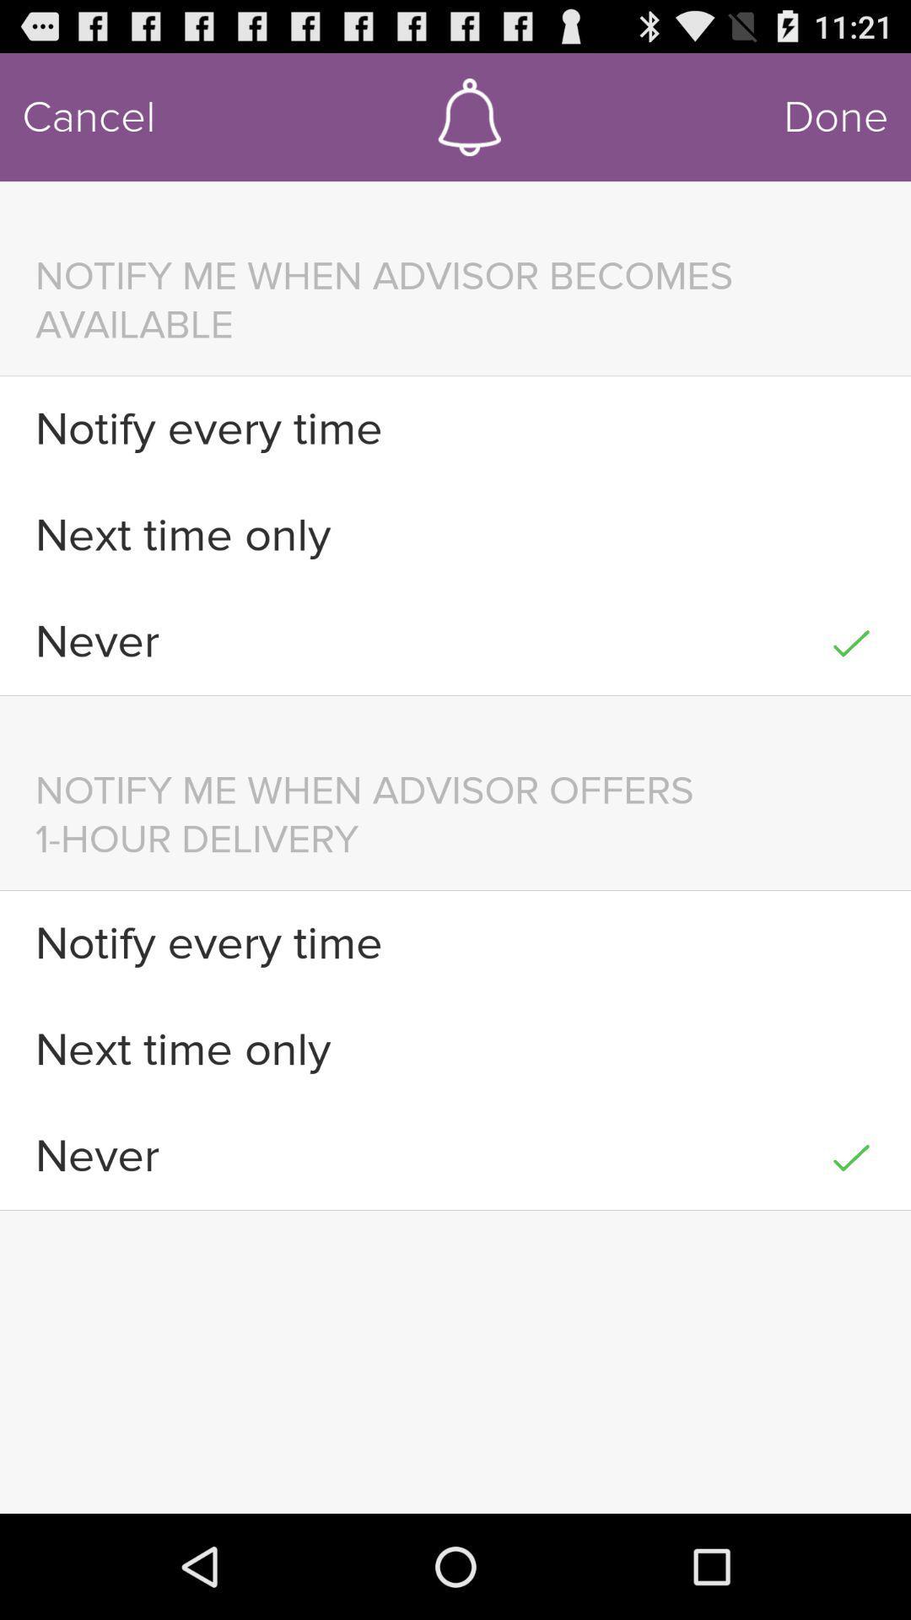 The width and height of the screenshot is (911, 1620). What do you see at coordinates (89, 116) in the screenshot?
I see `the cancel at the top left corner` at bounding box center [89, 116].